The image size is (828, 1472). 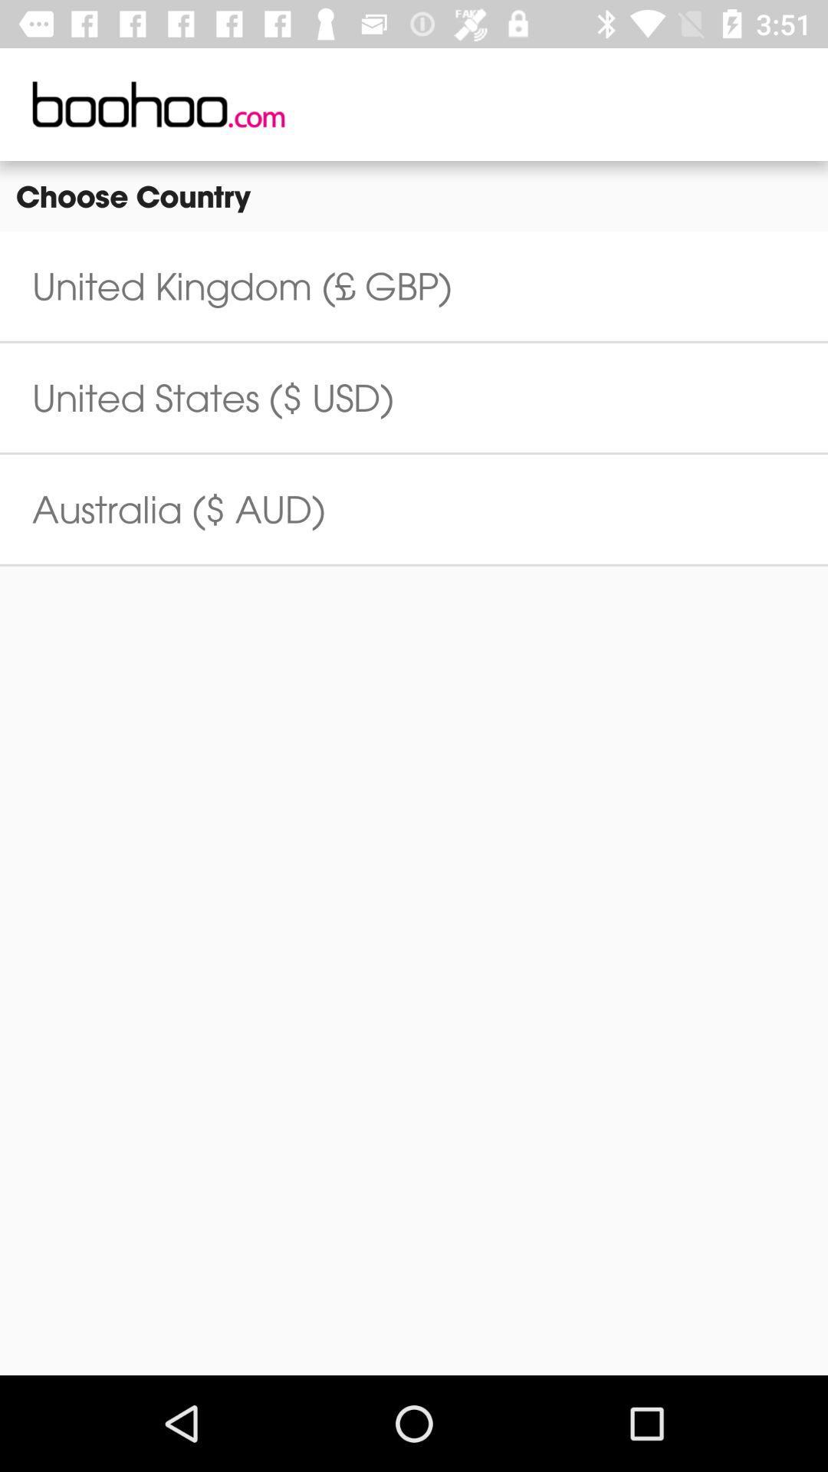 I want to click on item below united states ($ usd) icon, so click(x=178, y=509).